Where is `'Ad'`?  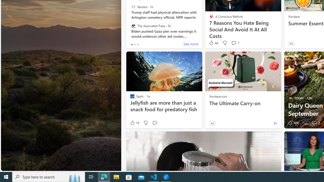 'Ad' is located at coordinates (212, 123).